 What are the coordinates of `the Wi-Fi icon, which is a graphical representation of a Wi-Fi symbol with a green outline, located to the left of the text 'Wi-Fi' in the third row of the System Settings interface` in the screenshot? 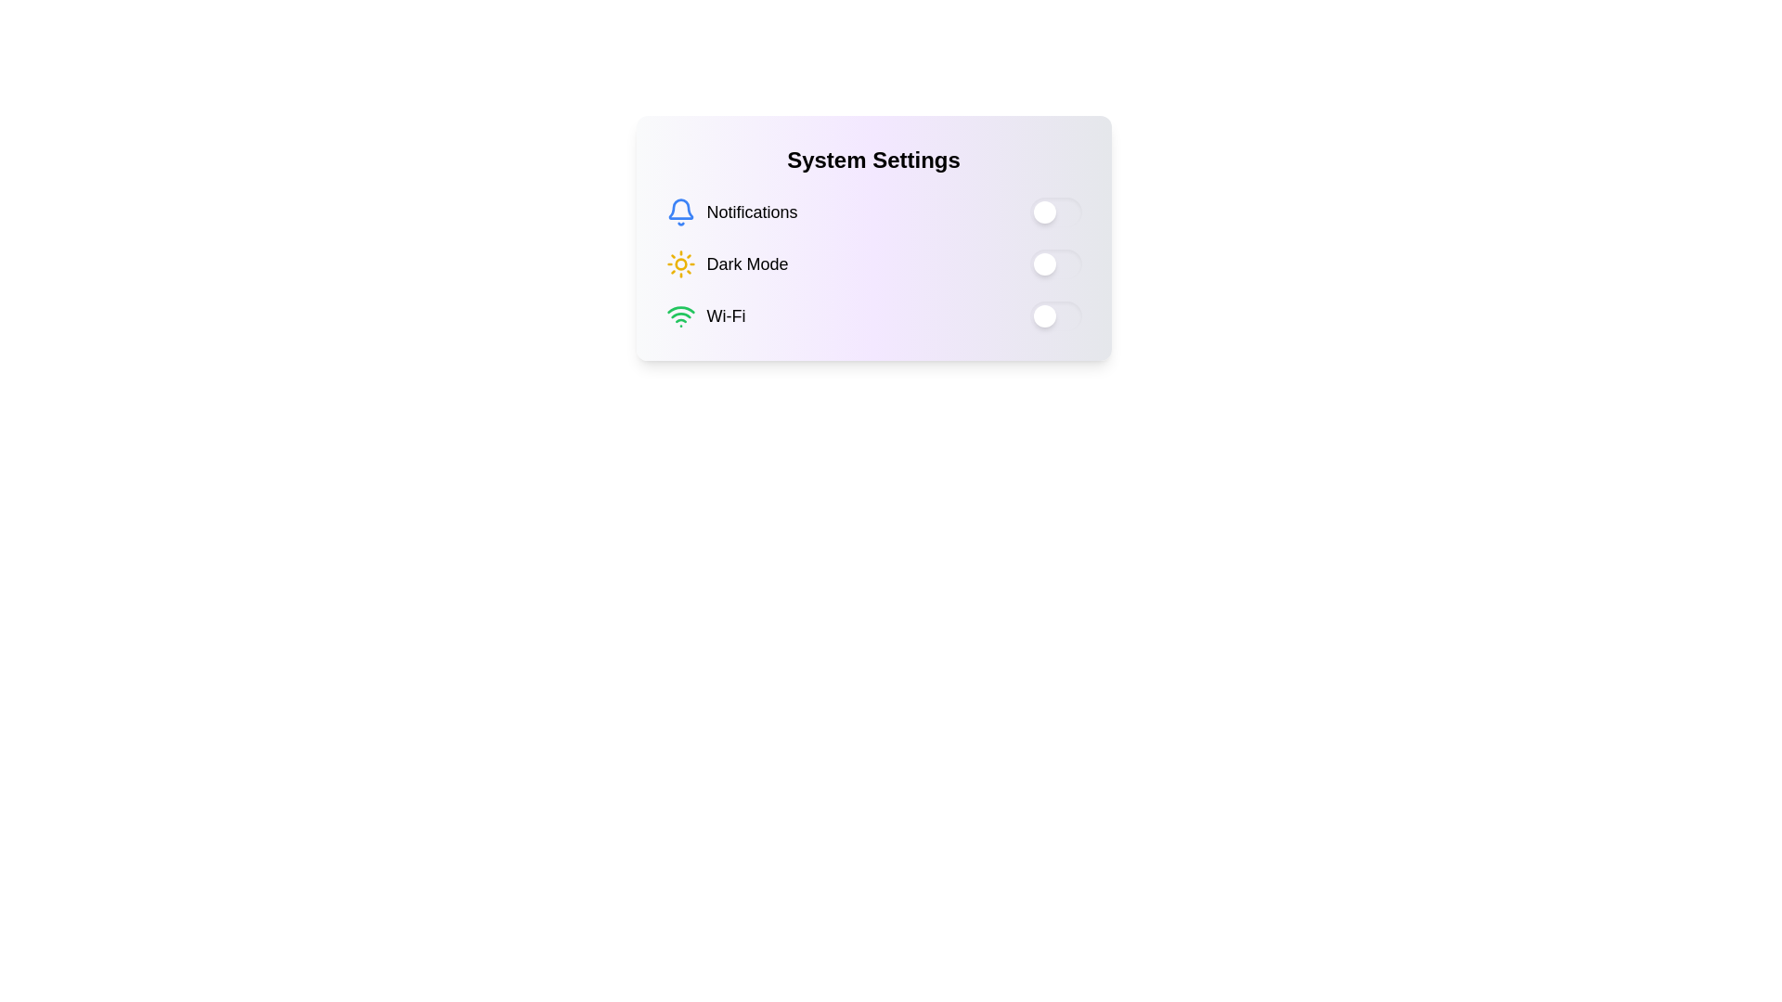 It's located at (679, 315).